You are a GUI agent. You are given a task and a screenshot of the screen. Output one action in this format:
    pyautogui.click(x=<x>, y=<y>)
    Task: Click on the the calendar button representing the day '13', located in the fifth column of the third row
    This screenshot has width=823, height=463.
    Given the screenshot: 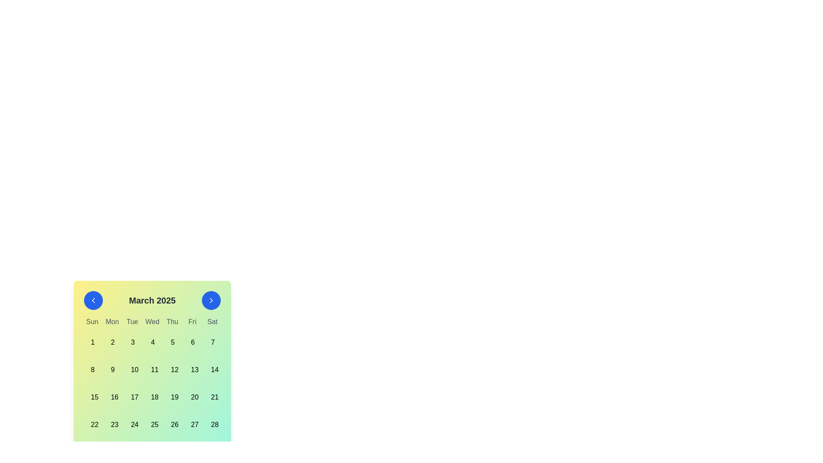 What is the action you would take?
    pyautogui.click(x=192, y=370)
    